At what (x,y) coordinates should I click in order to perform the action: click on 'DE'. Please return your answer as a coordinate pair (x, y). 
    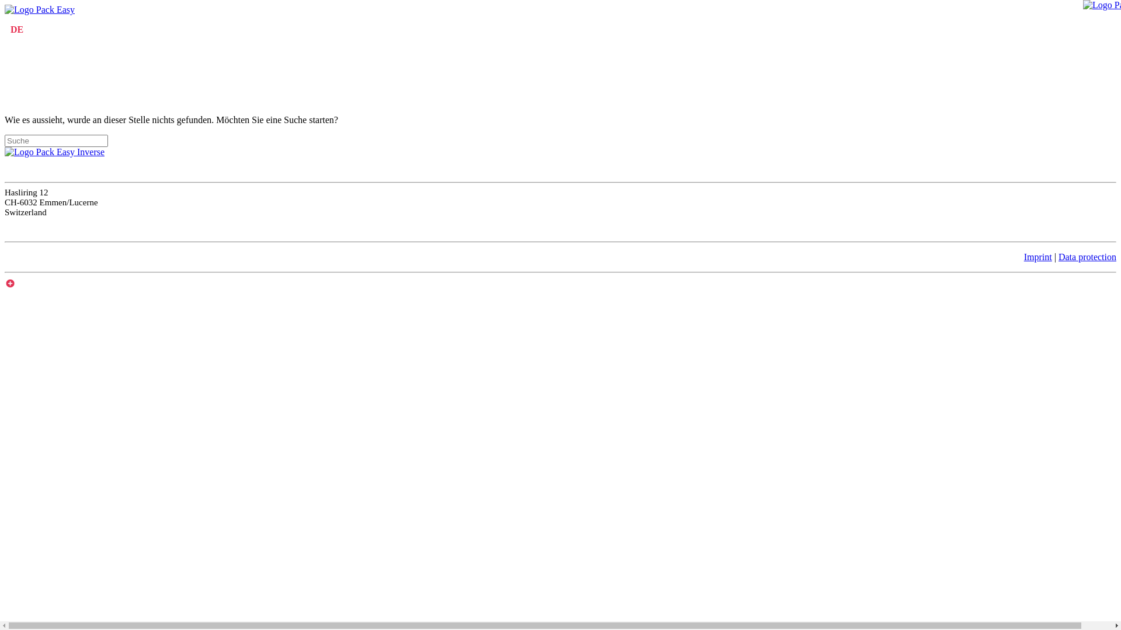
    Looking at the image, I should click on (16, 29).